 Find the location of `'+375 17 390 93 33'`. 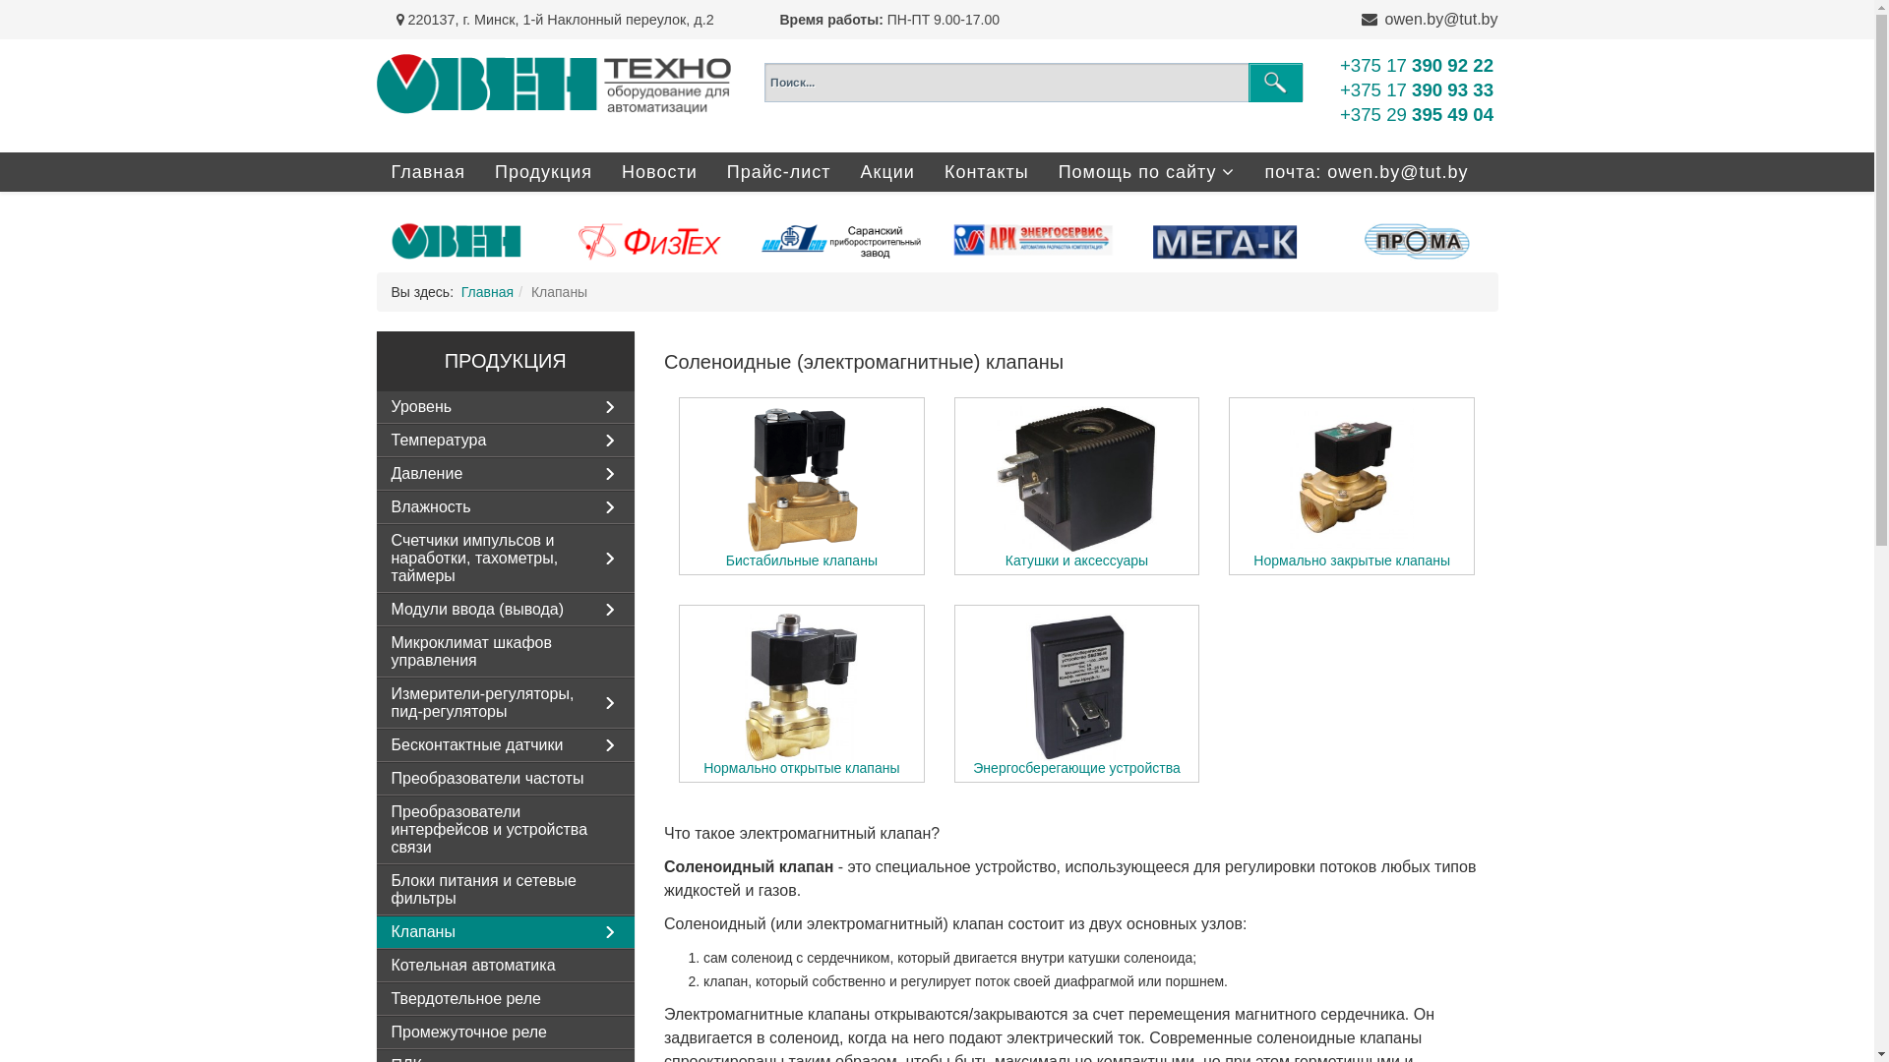

'+375 17 390 93 33' is located at coordinates (1417, 89).